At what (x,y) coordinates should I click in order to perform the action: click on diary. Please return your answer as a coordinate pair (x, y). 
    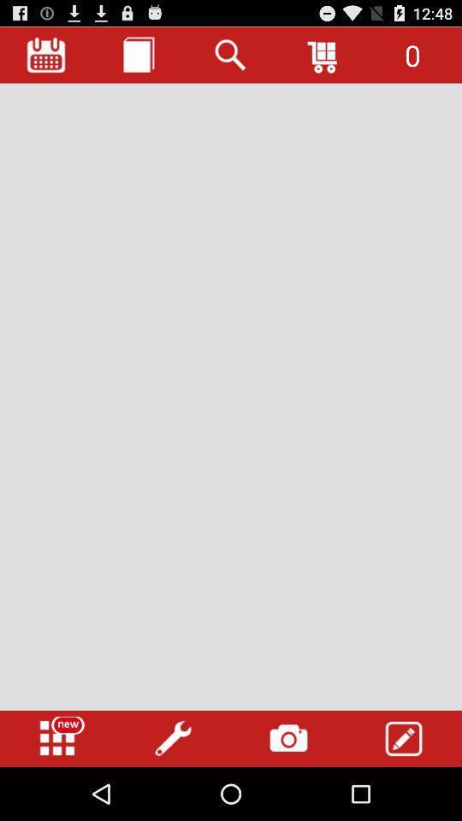
    Looking at the image, I should click on (138, 55).